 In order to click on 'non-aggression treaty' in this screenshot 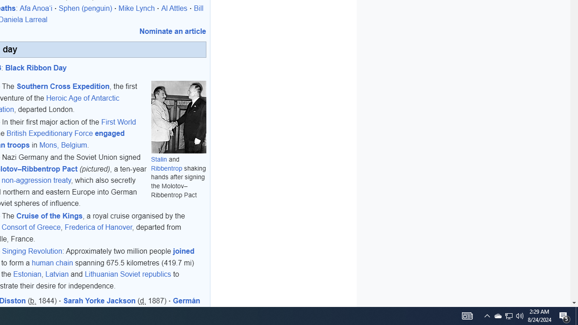, I will do `click(36, 180)`.